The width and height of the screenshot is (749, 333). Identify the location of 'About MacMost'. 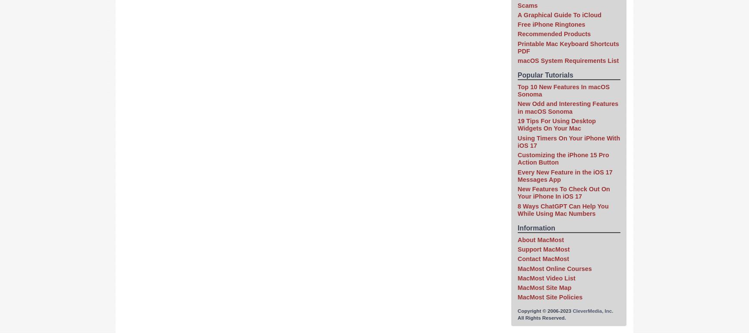
(517, 239).